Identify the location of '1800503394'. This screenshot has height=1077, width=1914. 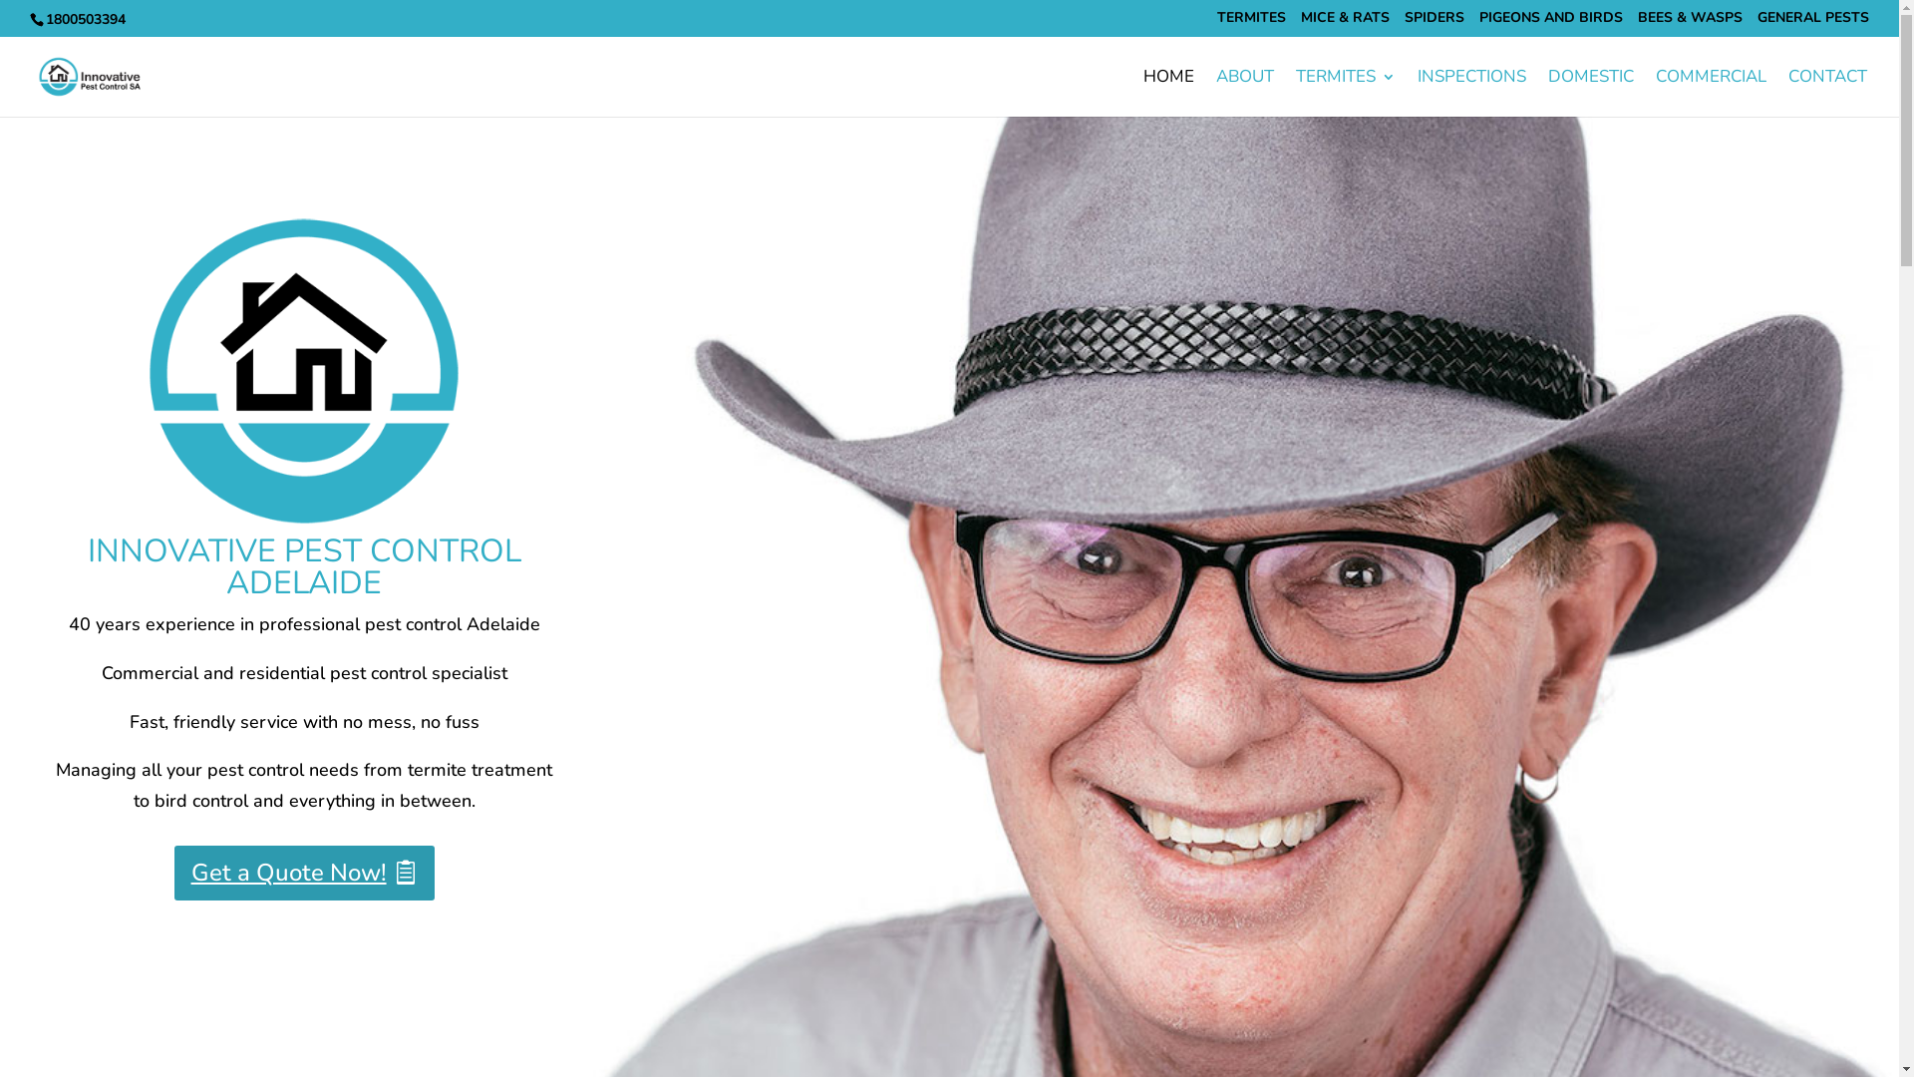
(83, 19).